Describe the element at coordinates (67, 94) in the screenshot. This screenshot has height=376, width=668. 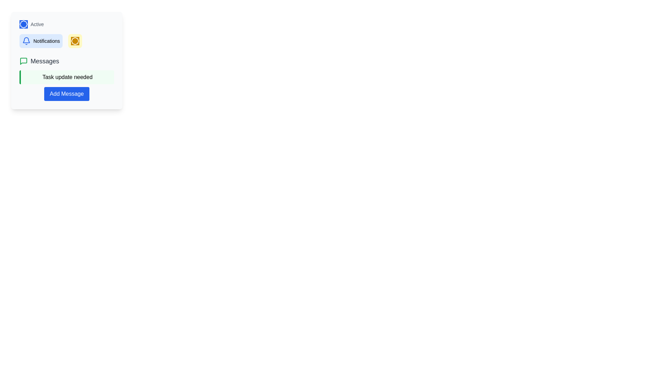
I see `the 'Add Message' button located below the text 'Task update needed' in the 'Messages' section to initiate the message composition interface` at that location.